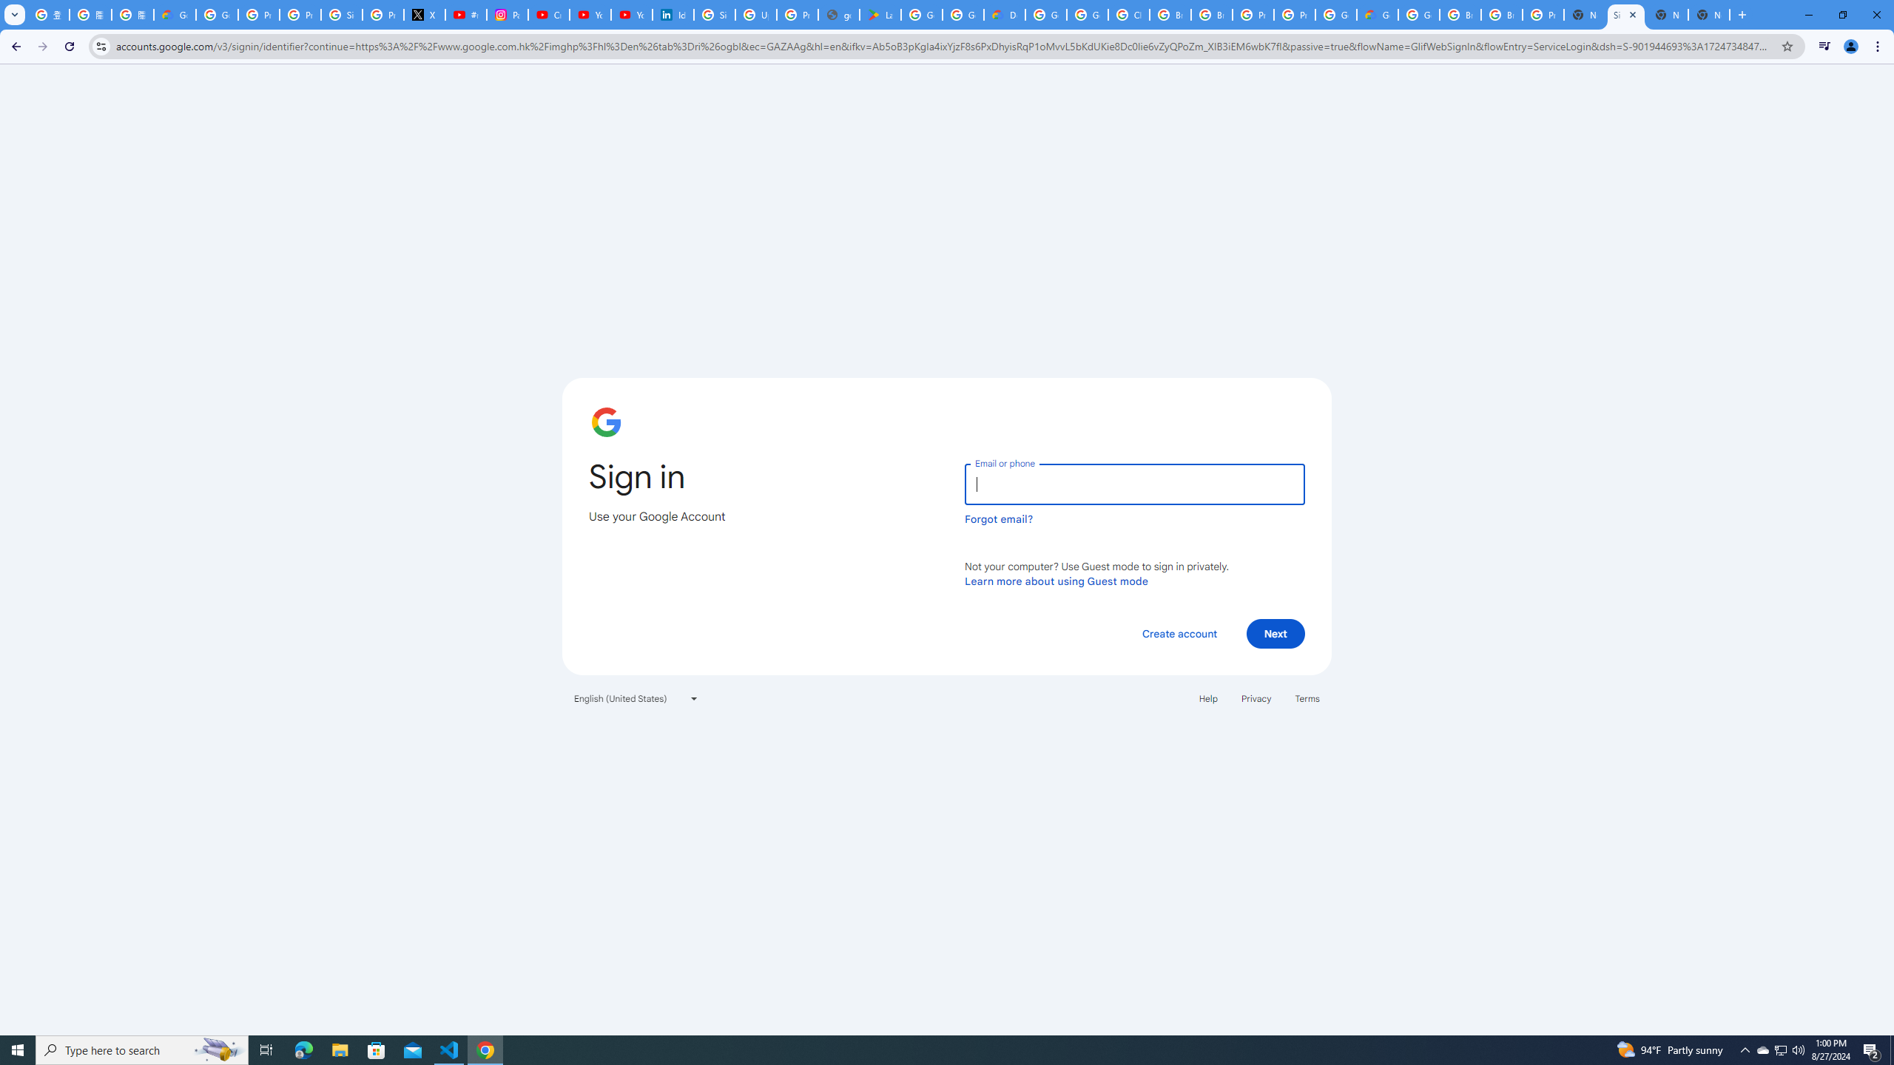 The image size is (1894, 1065). Describe the element at coordinates (1275, 632) in the screenshot. I see `'Next'` at that location.